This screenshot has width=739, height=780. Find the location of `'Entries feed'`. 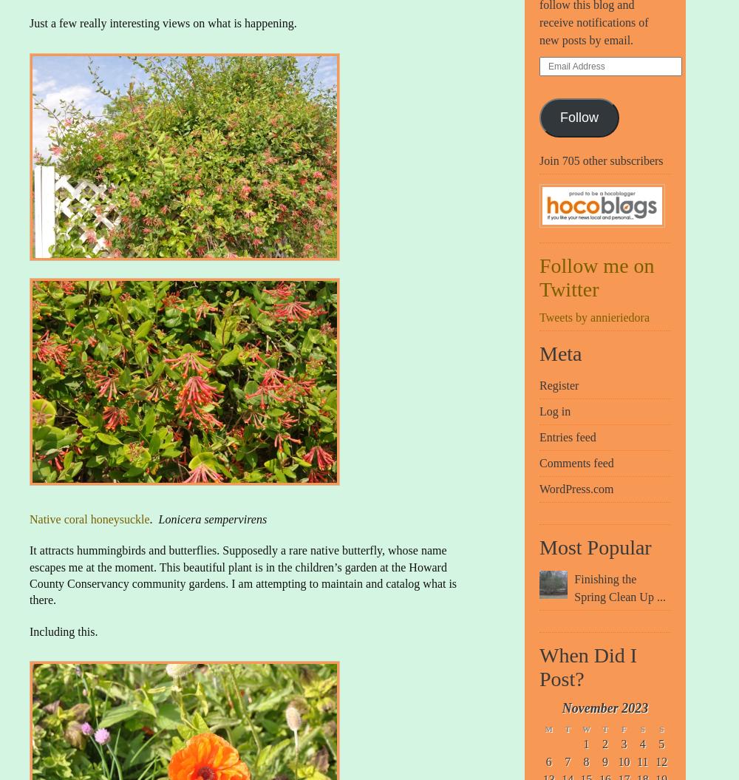

'Entries feed' is located at coordinates (568, 437).